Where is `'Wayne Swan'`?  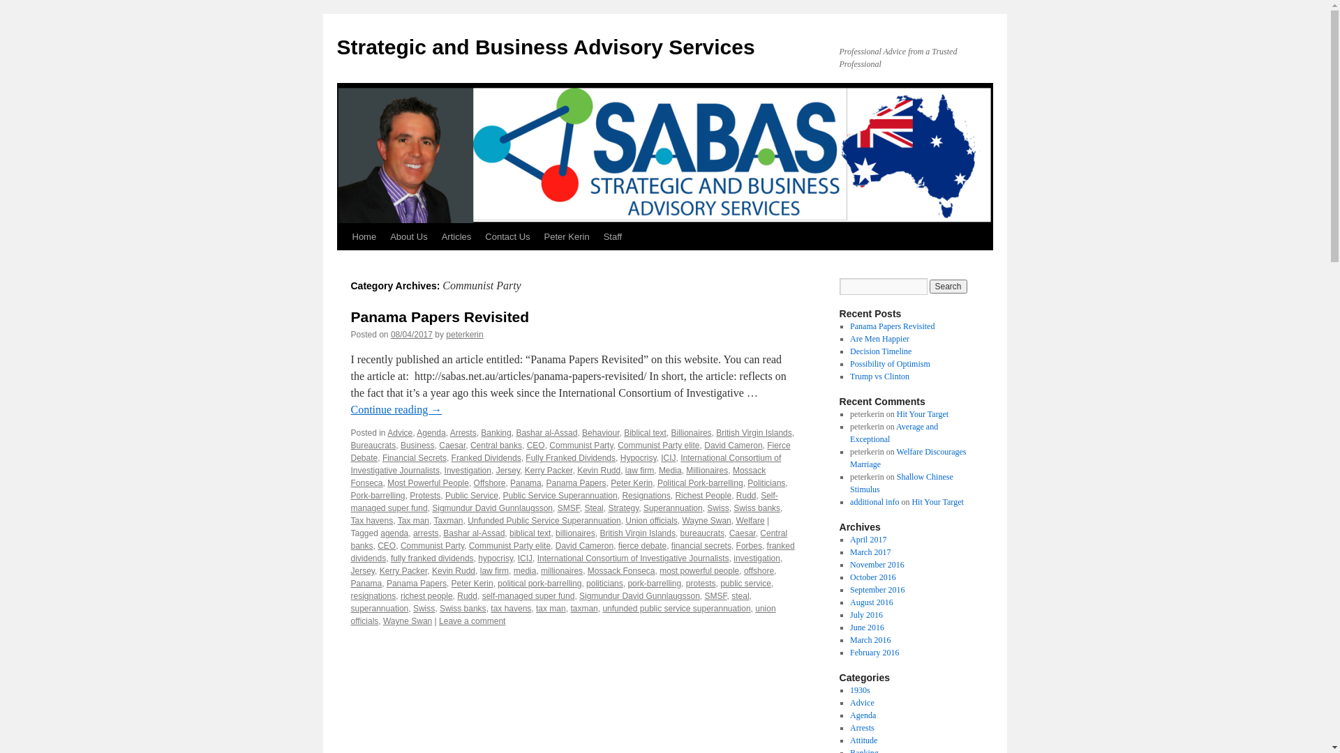
'Wayne Swan' is located at coordinates (382, 621).